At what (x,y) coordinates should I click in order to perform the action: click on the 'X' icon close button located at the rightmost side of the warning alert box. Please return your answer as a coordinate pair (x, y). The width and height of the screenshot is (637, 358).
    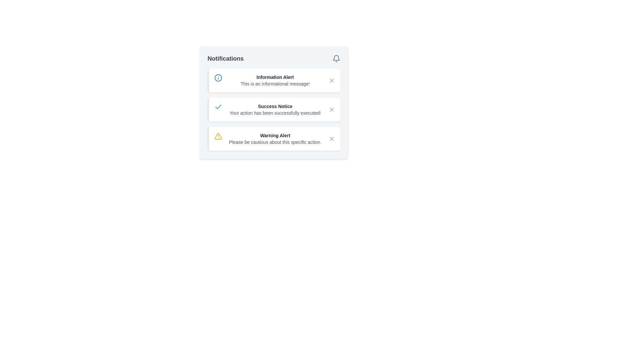
    Looking at the image, I should click on (331, 139).